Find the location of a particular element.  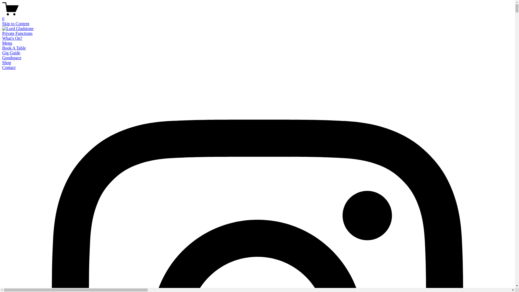

'What's On?' is located at coordinates (12, 38).